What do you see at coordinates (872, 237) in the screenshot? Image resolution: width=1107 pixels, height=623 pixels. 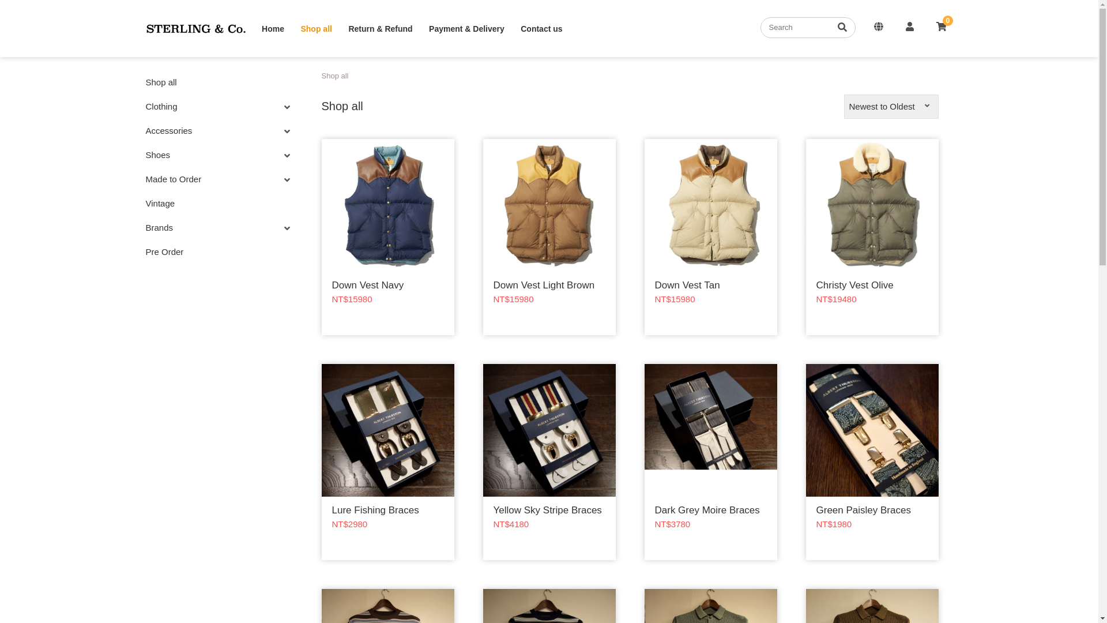 I see `'Christy Vest Olive` at bounding box center [872, 237].